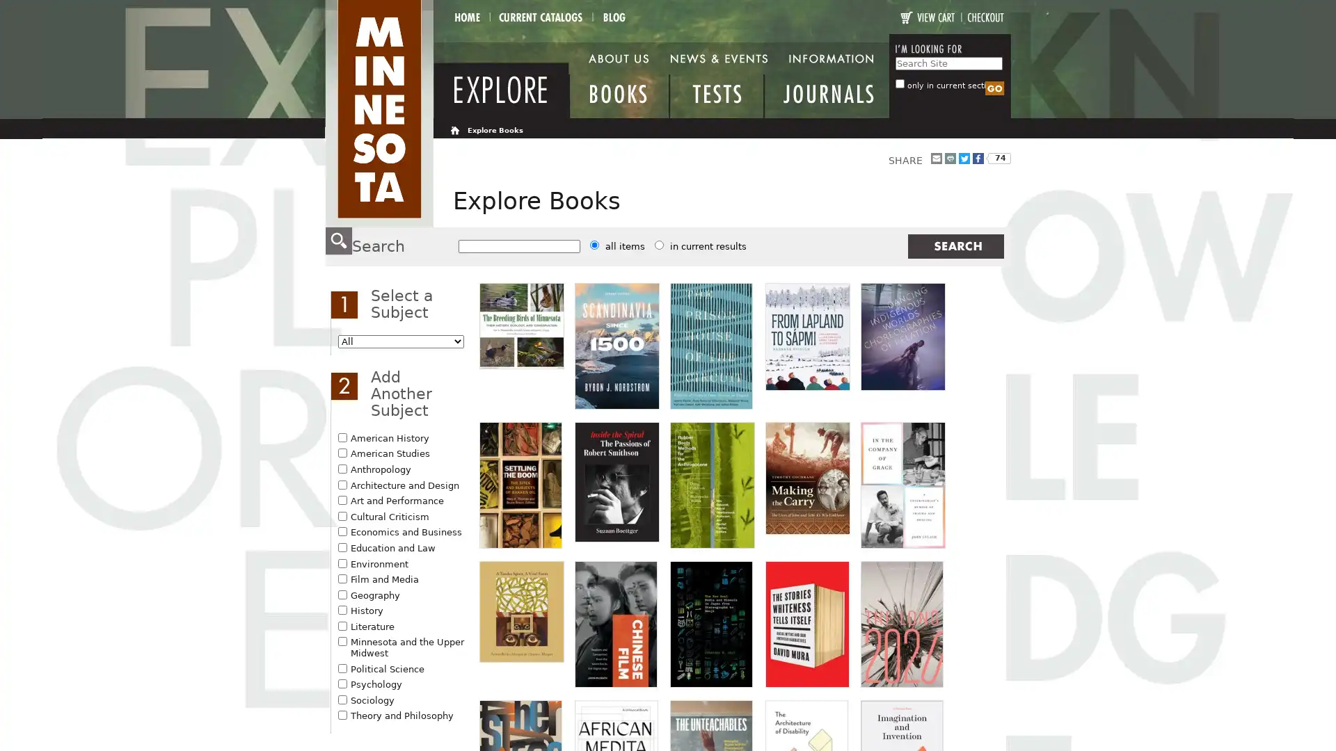 Image resolution: width=1336 pixels, height=751 pixels. What do you see at coordinates (994, 88) in the screenshot?
I see `Search` at bounding box center [994, 88].